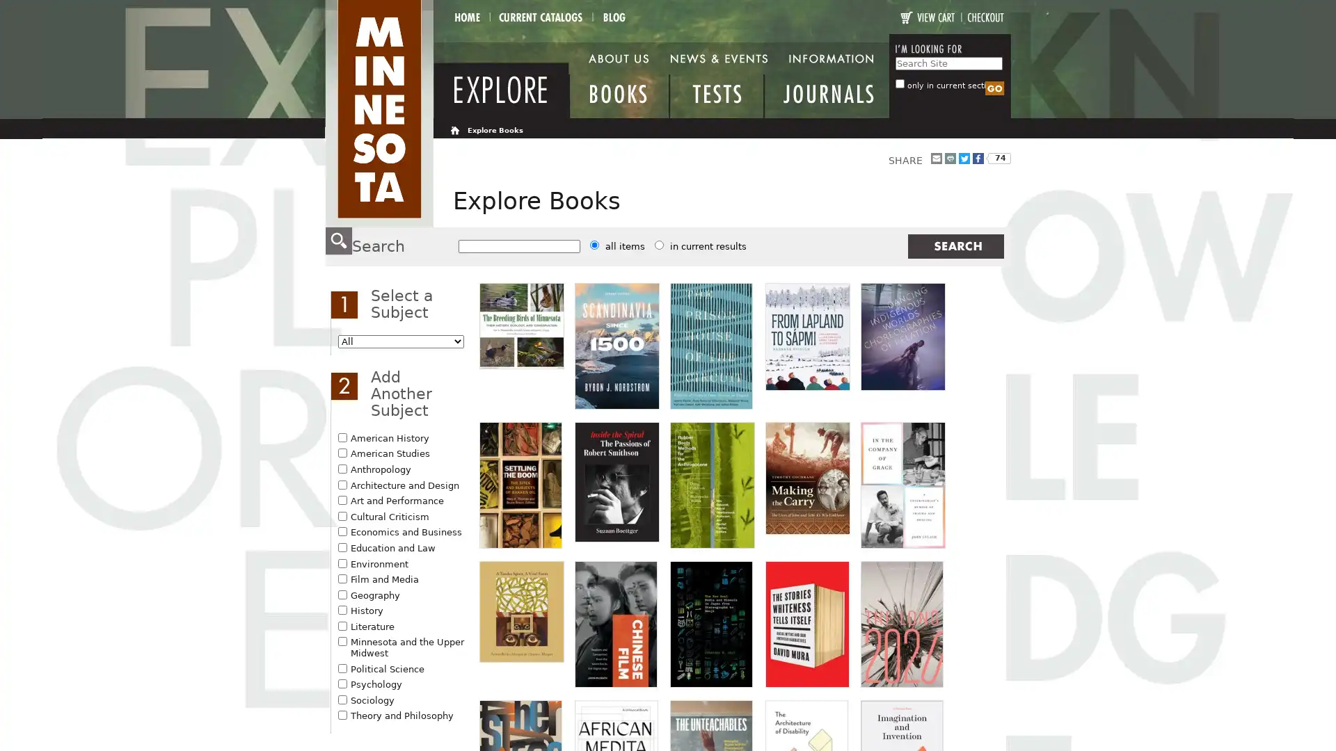 Image resolution: width=1336 pixels, height=751 pixels. What do you see at coordinates (994, 88) in the screenshot?
I see `Search` at bounding box center [994, 88].